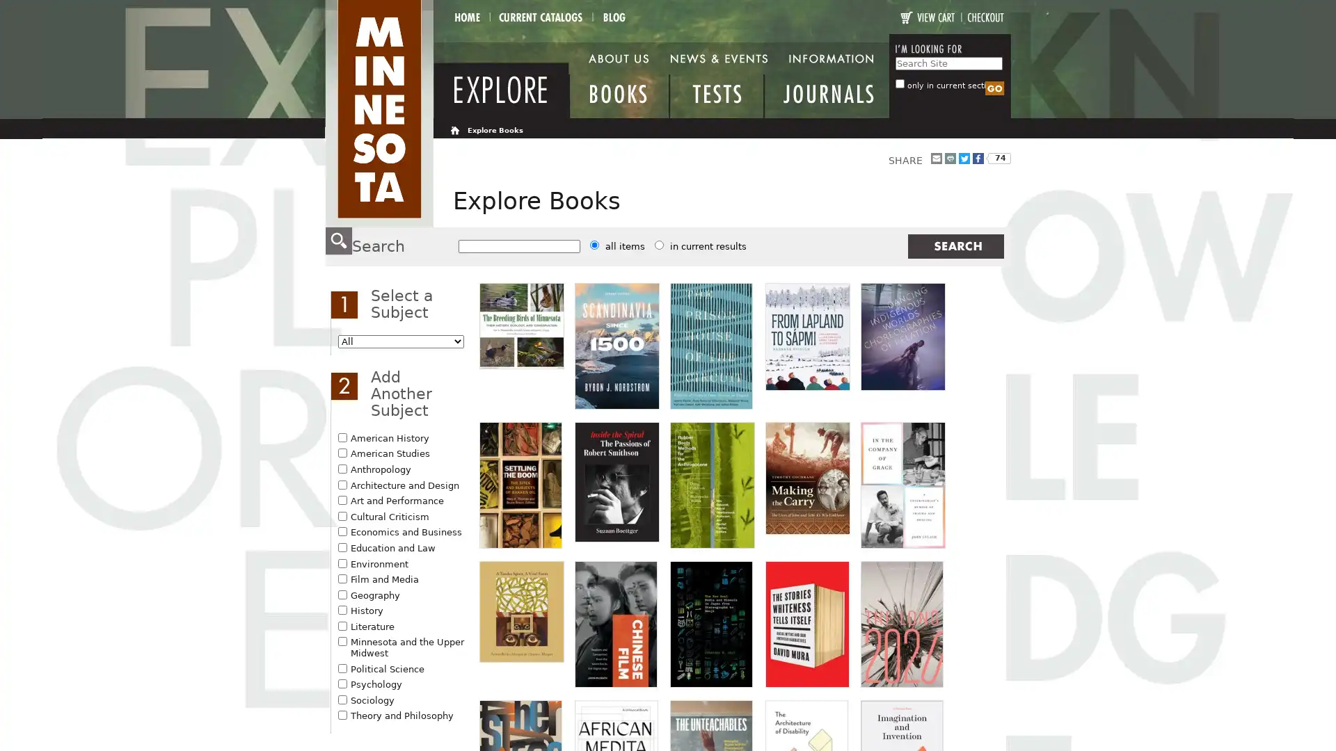 Image resolution: width=1336 pixels, height=751 pixels. What do you see at coordinates (994, 88) in the screenshot?
I see `Search` at bounding box center [994, 88].